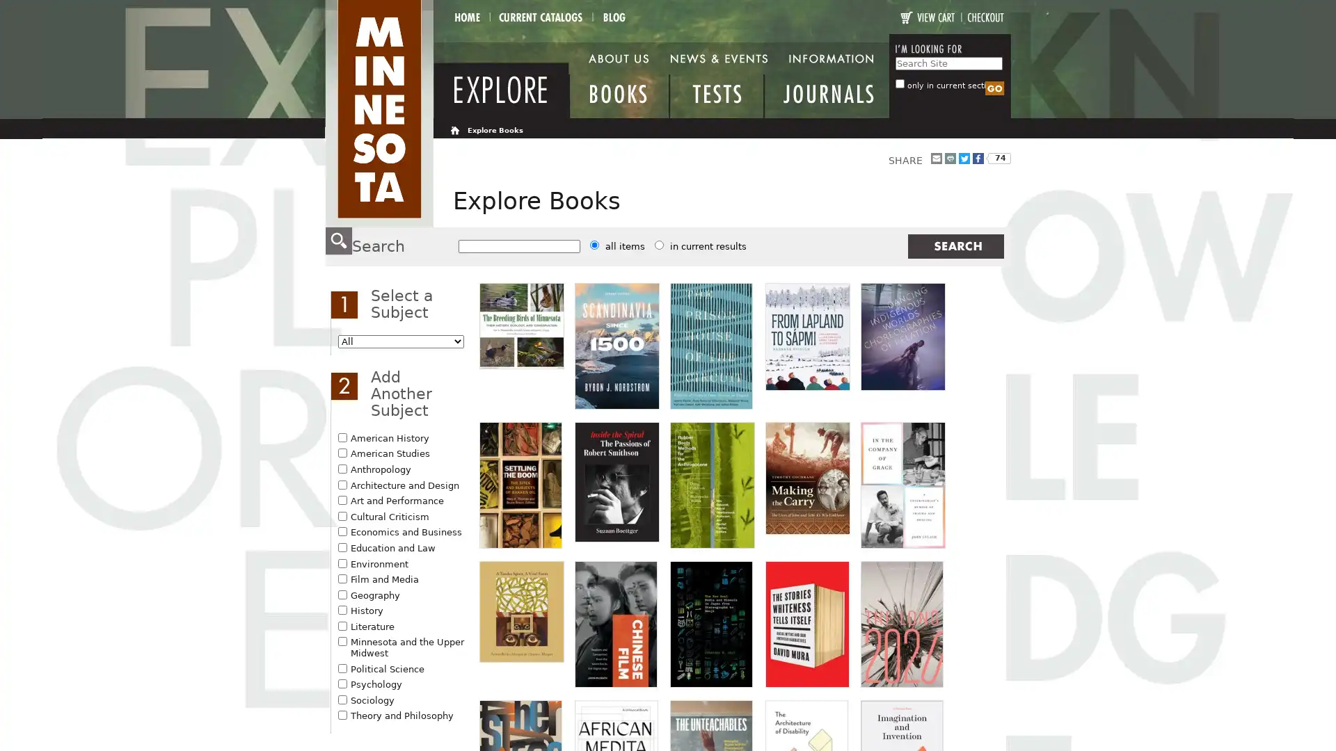 Image resolution: width=1336 pixels, height=751 pixels. What do you see at coordinates (994, 88) in the screenshot?
I see `Search` at bounding box center [994, 88].